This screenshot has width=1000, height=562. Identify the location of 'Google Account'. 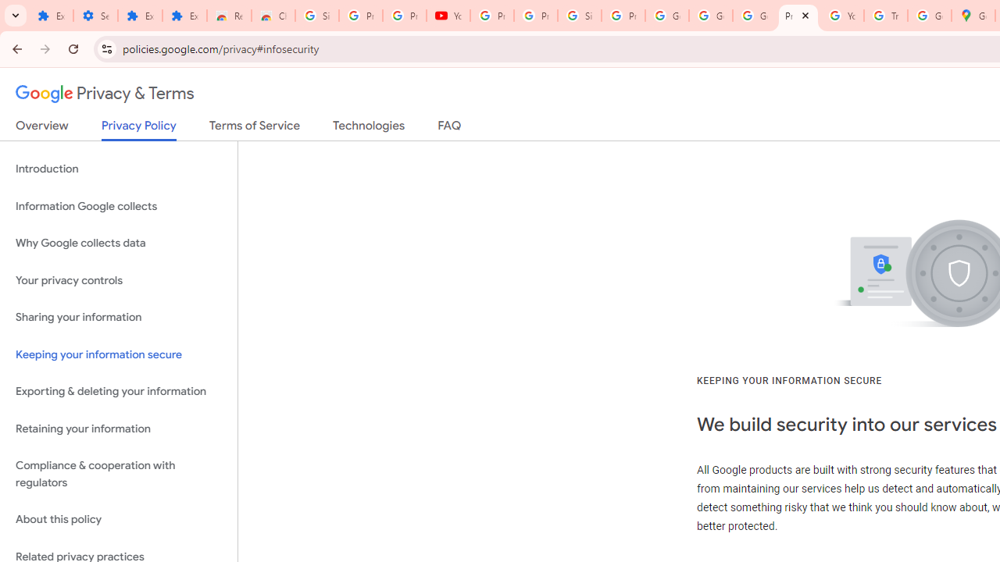
(666, 16).